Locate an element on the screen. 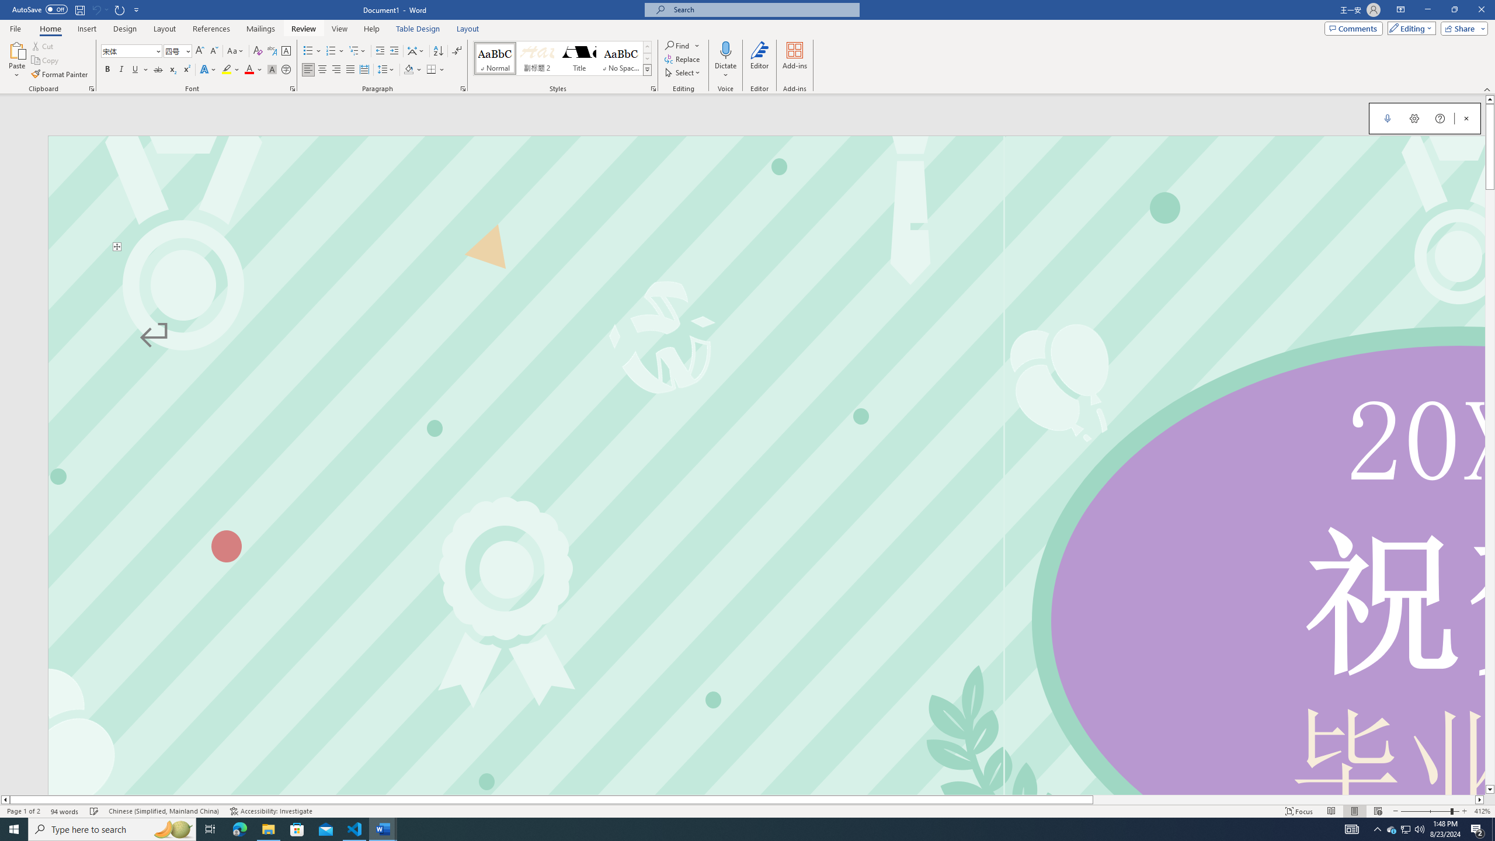 The image size is (1495, 841). 'Character Border' is located at coordinates (286, 51).